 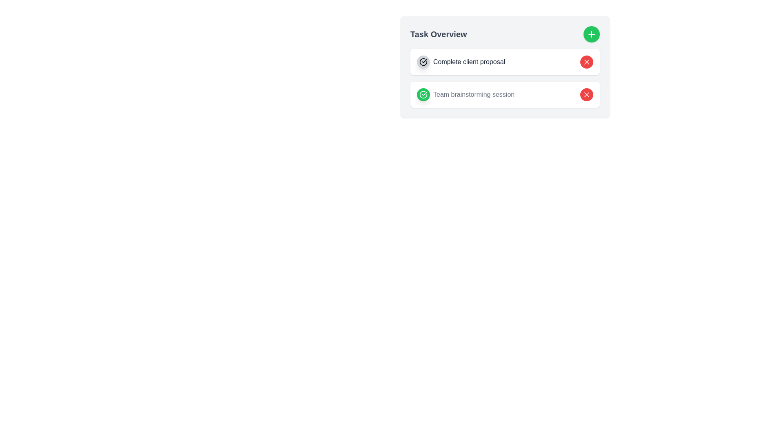 What do you see at coordinates (465, 94) in the screenshot?
I see `the list item with the strikethrough text 'Team brainstorming session' and a green circular icon with a white checkmark` at bounding box center [465, 94].